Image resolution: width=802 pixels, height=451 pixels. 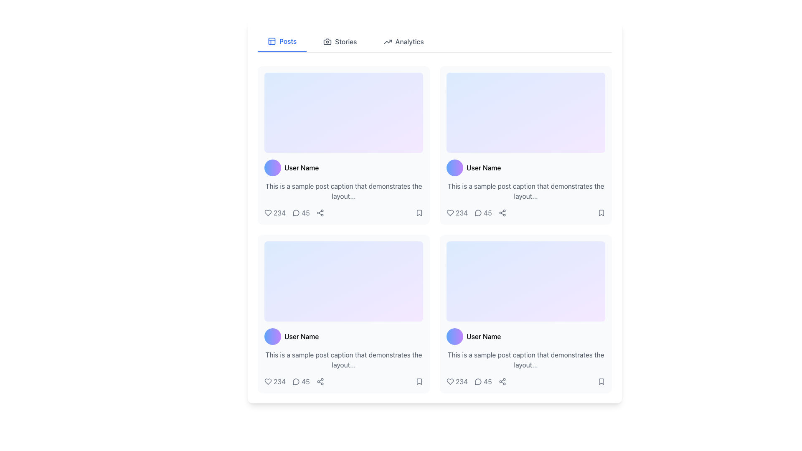 I want to click on the Decorative Icon, a square icon with a subtle border that features a grid-like panel division, located to the left of the 'Posts' label in the navigation bar, so click(x=272, y=41).